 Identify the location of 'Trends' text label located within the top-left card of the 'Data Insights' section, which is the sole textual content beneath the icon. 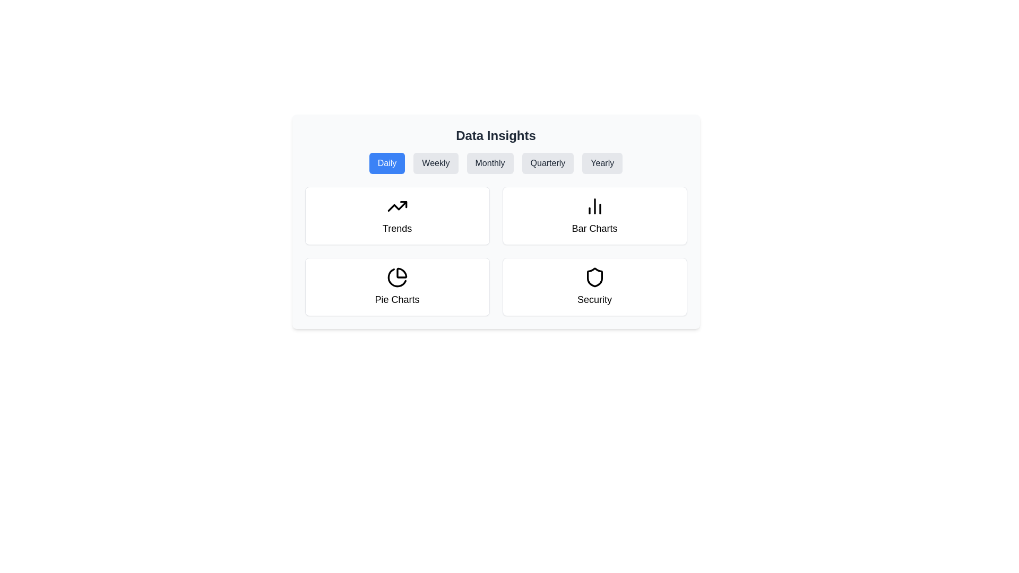
(396, 228).